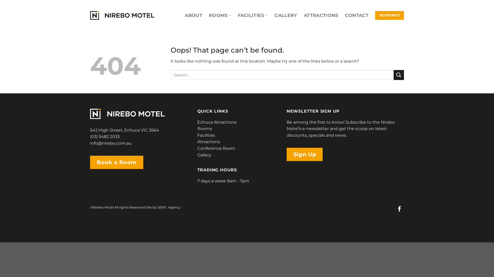  I want to click on 'Facilities', so click(206, 135).